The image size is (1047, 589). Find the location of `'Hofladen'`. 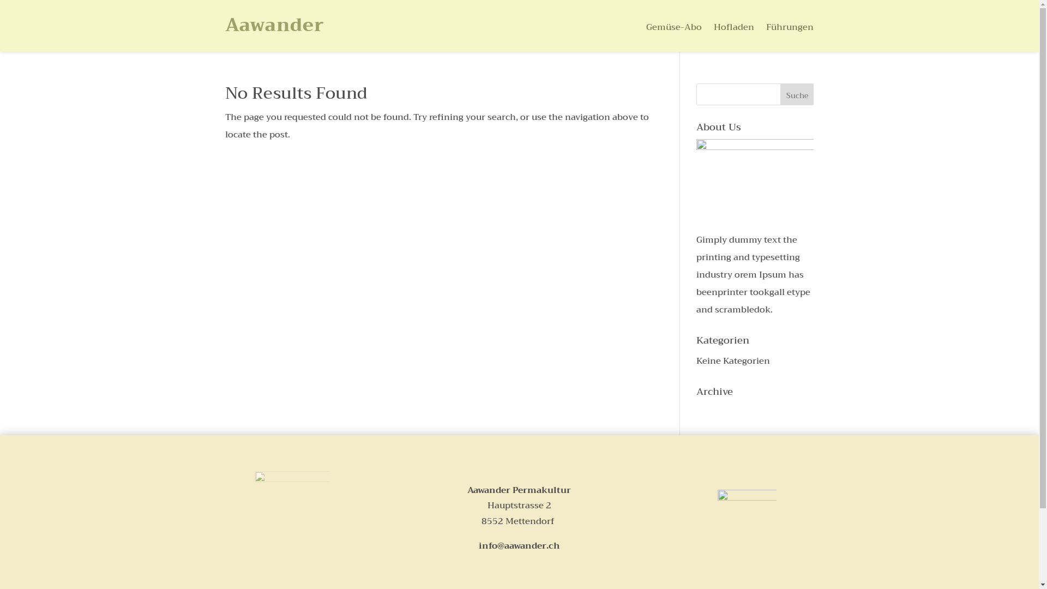

'Hofladen' is located at coordinates (733, 29).